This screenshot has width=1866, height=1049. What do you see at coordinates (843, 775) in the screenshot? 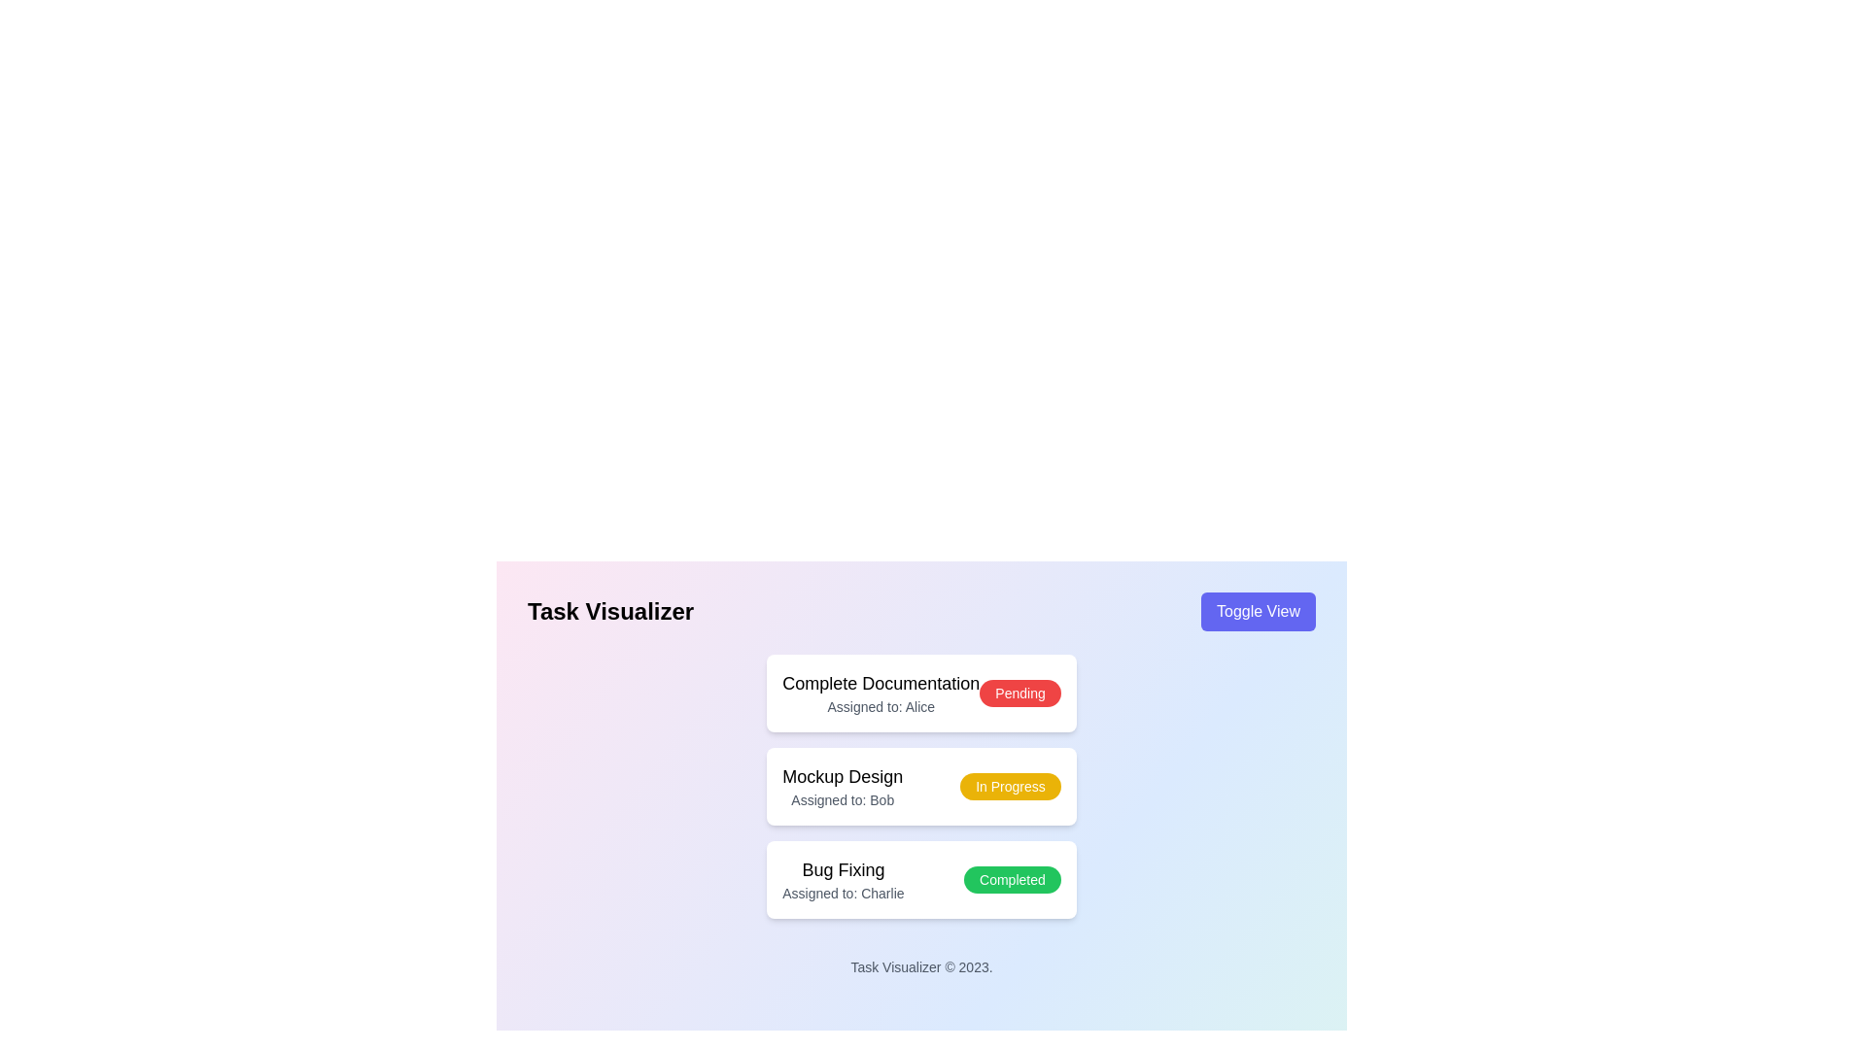
I see `text label displaying 'Mockup Design' located at the center of the middle task card in the vertical layout of task cards` at bounding box center [843, 775].